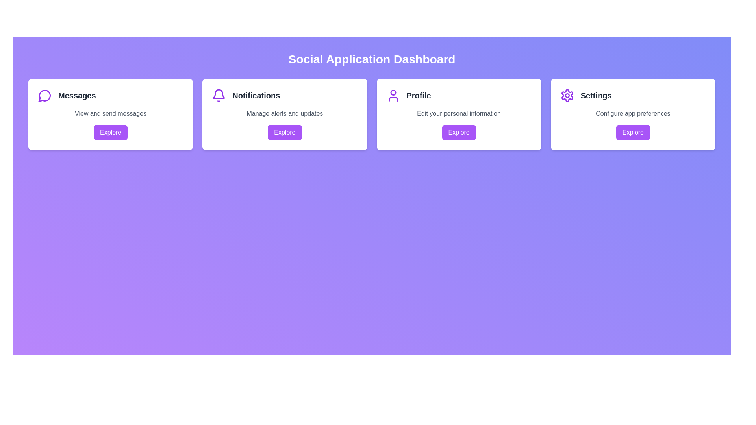 This screenshot has height=425, width=756. What do you see at coordinates (77, 95) in the screenshot?
I see `the 'Messages' text header, which is styled in bold dark gray and located within the upper-left card of the interface, adjacent to a speech bubble icon` at bounding box center [77, 95].